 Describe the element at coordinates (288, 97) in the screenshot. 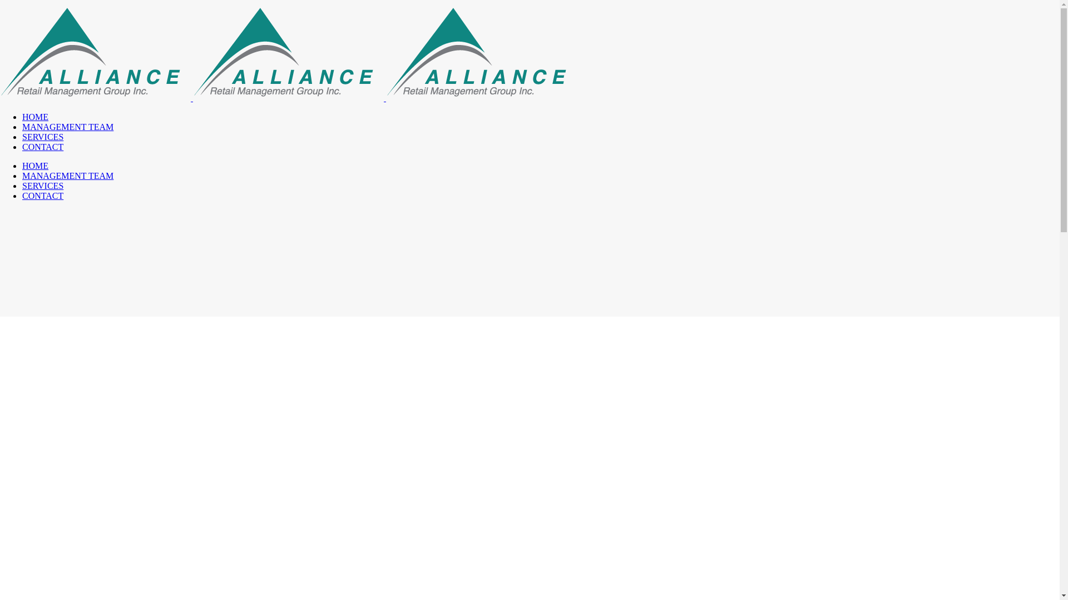

I see `'Alliance Retail Management Group Inc.'` at that location.